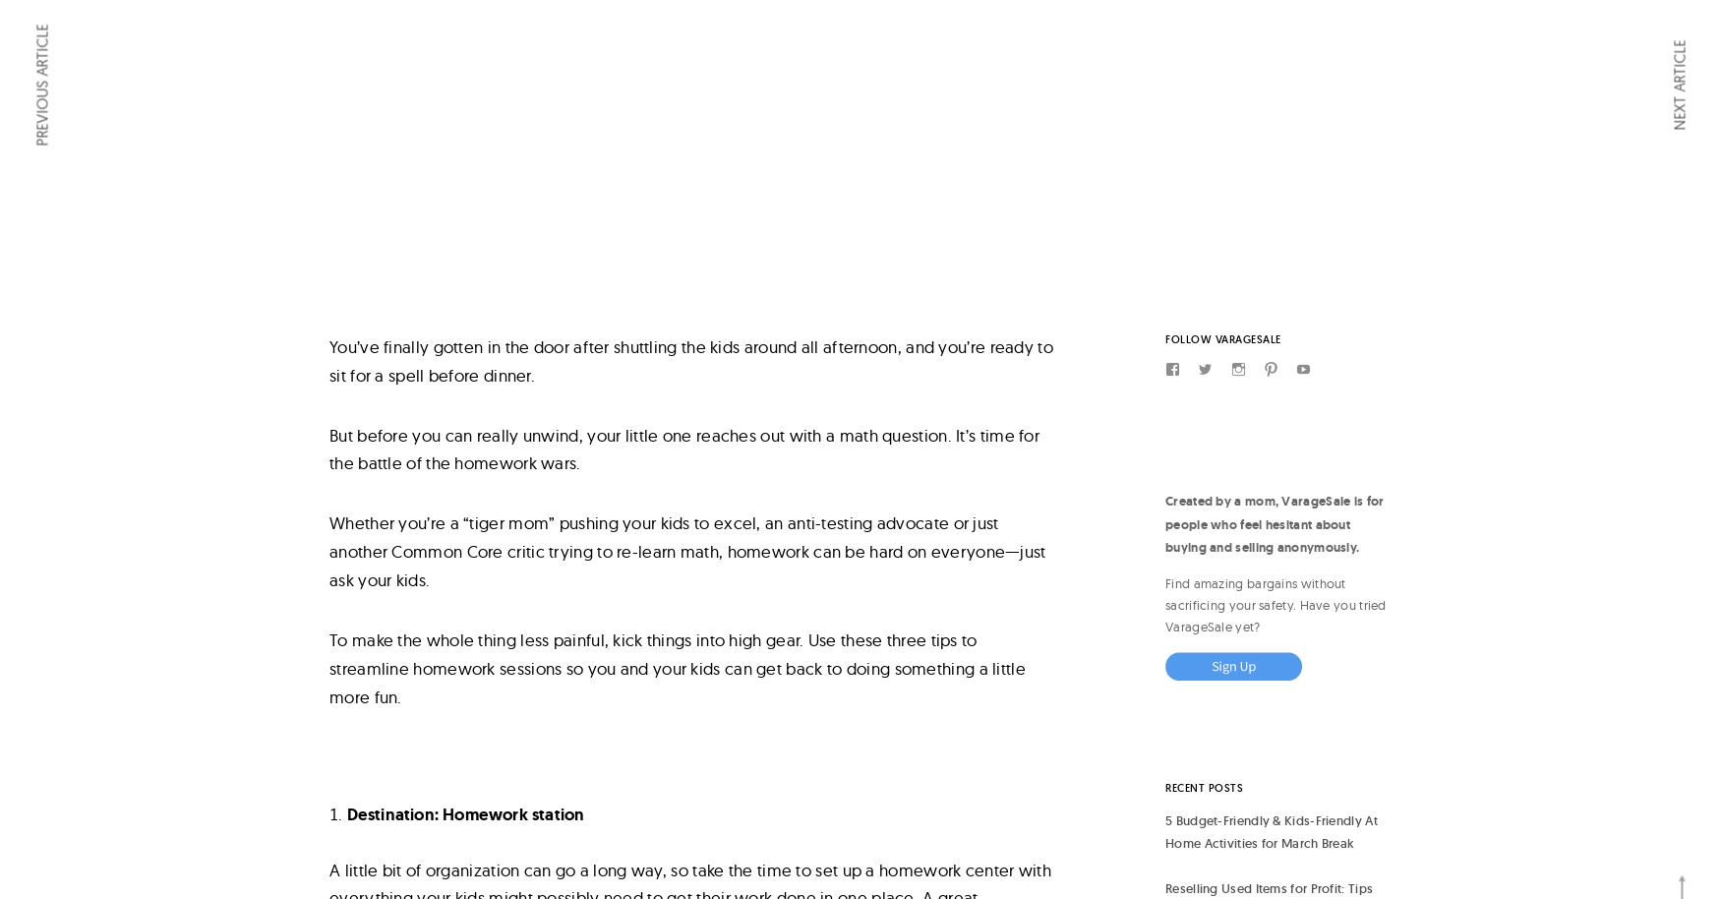  What do you see at coordinates (686, 551) in the screenshot?
I see `'Whether you’re a “tiger mom” pushing your kids to excel, an anti-testing advocate or just another Common Core critic trying to re-learn math, homework can be hard on everyone—just ask your kids.'` at bounding box center [686, 551].